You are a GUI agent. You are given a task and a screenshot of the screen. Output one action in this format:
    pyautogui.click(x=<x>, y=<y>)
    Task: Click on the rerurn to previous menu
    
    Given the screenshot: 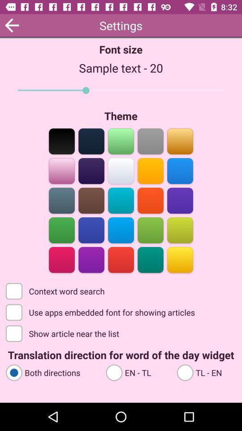 What is the action you would take?
    pyautogui.click(x=11, y=25)
    